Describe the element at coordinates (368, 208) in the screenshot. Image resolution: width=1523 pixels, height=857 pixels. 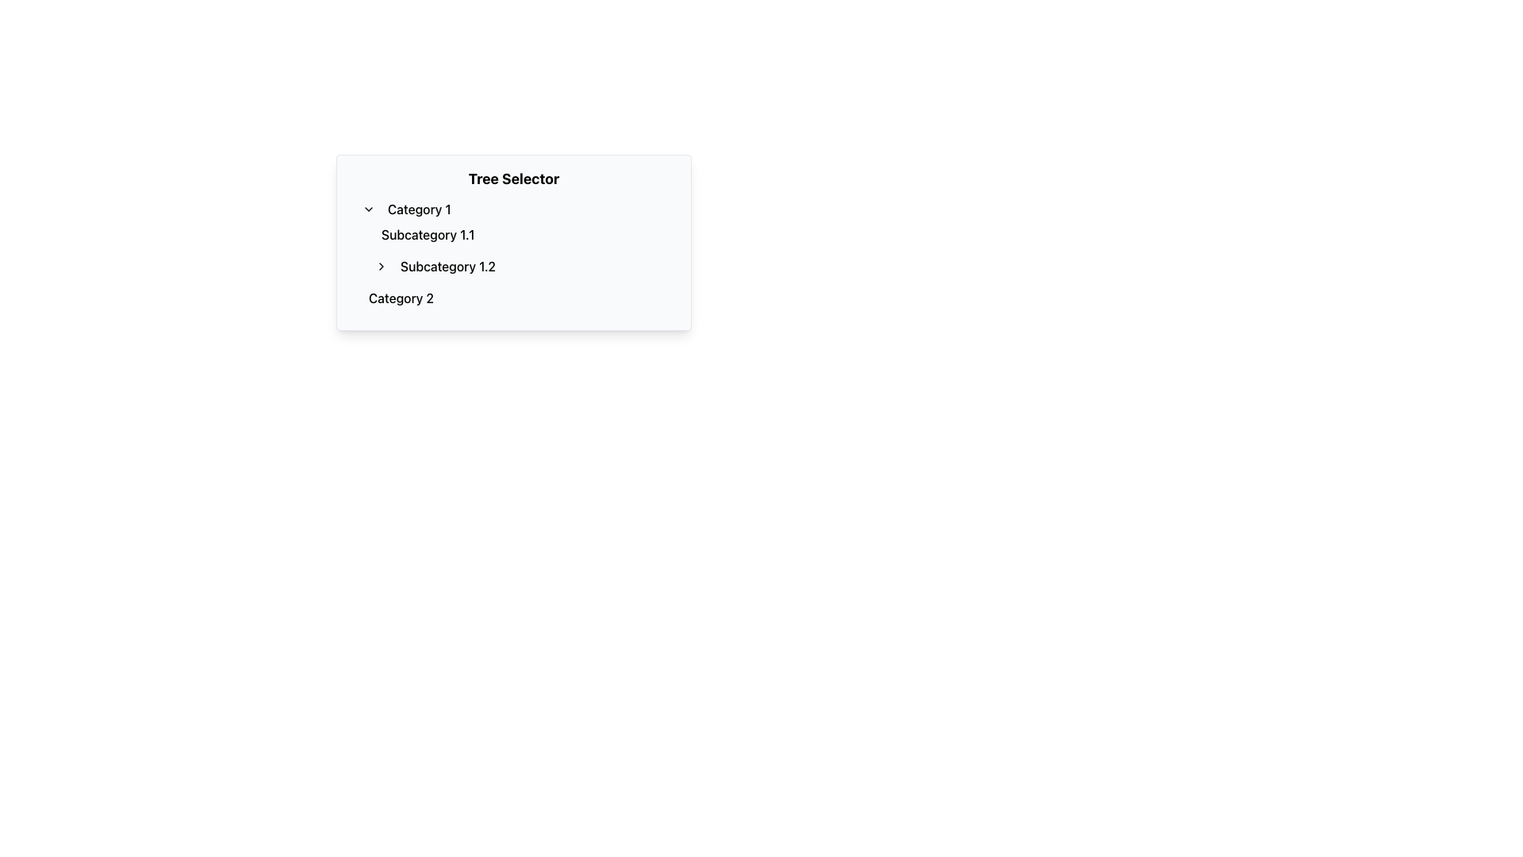
I see `the downward-pointing chevron icon button located to the left of the text 'Category 1'` at that location.